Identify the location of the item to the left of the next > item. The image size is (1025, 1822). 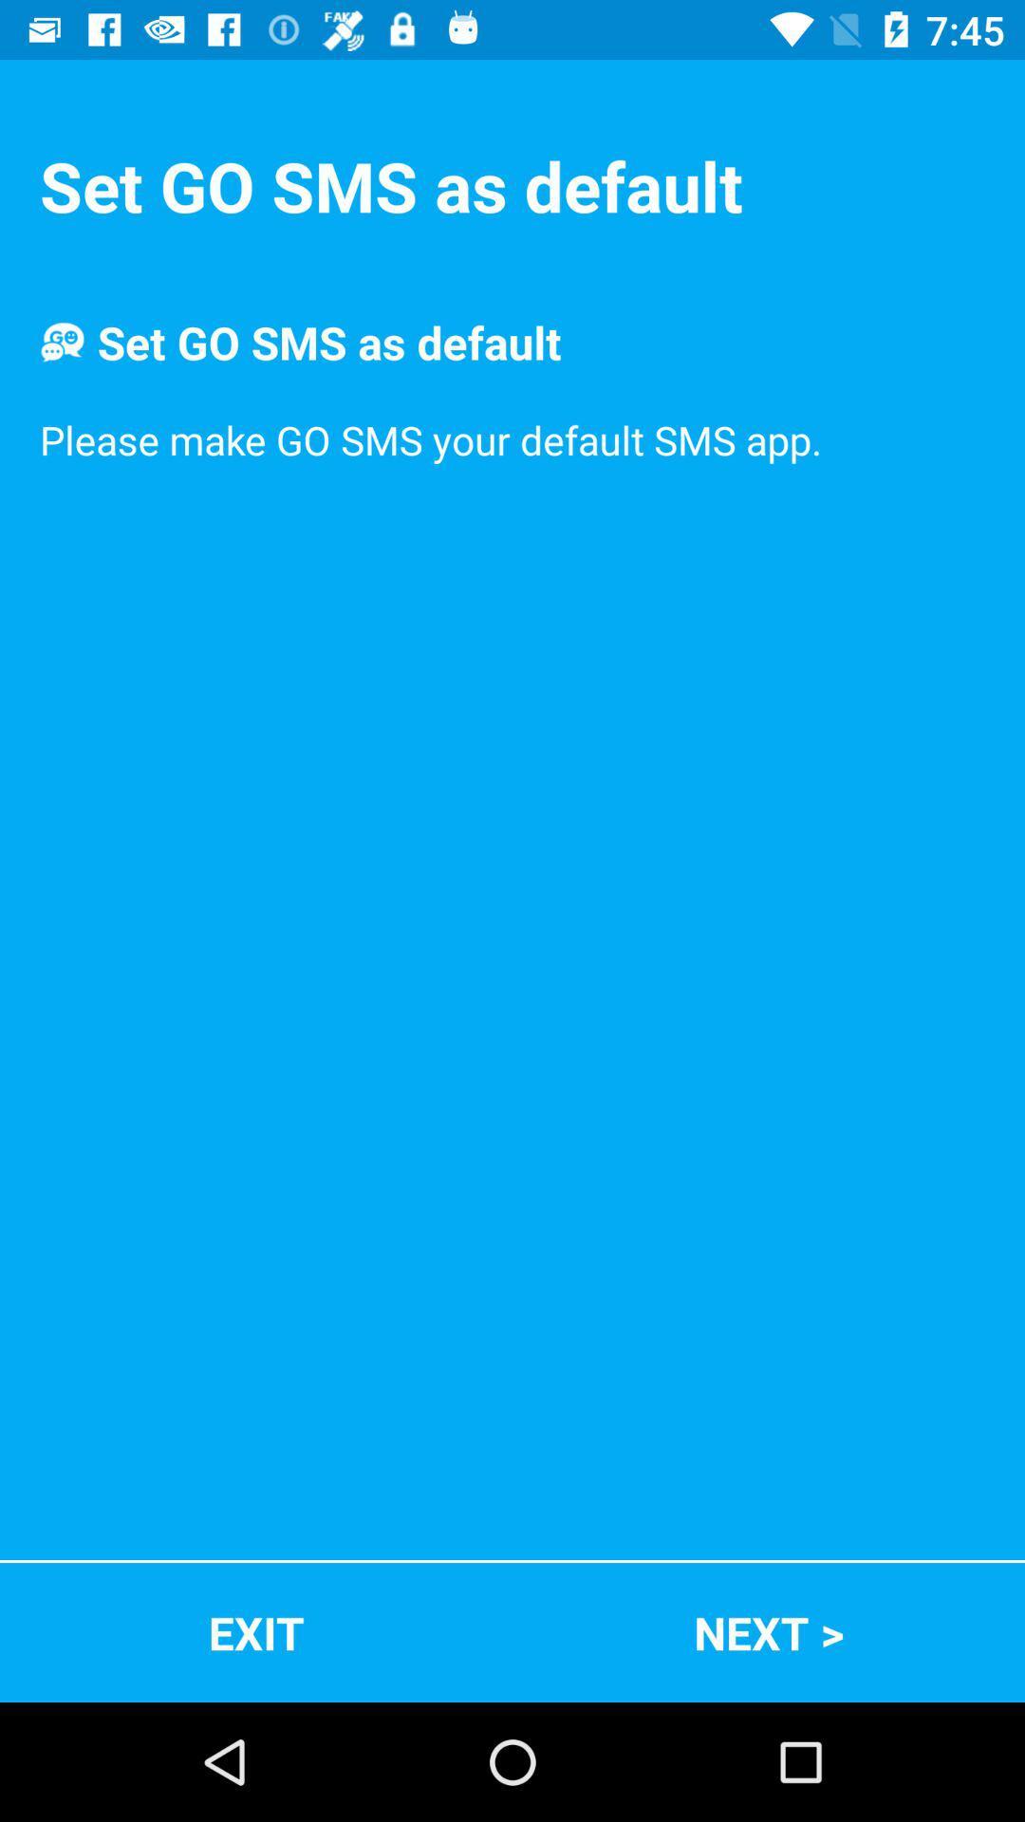
(256, 1631).